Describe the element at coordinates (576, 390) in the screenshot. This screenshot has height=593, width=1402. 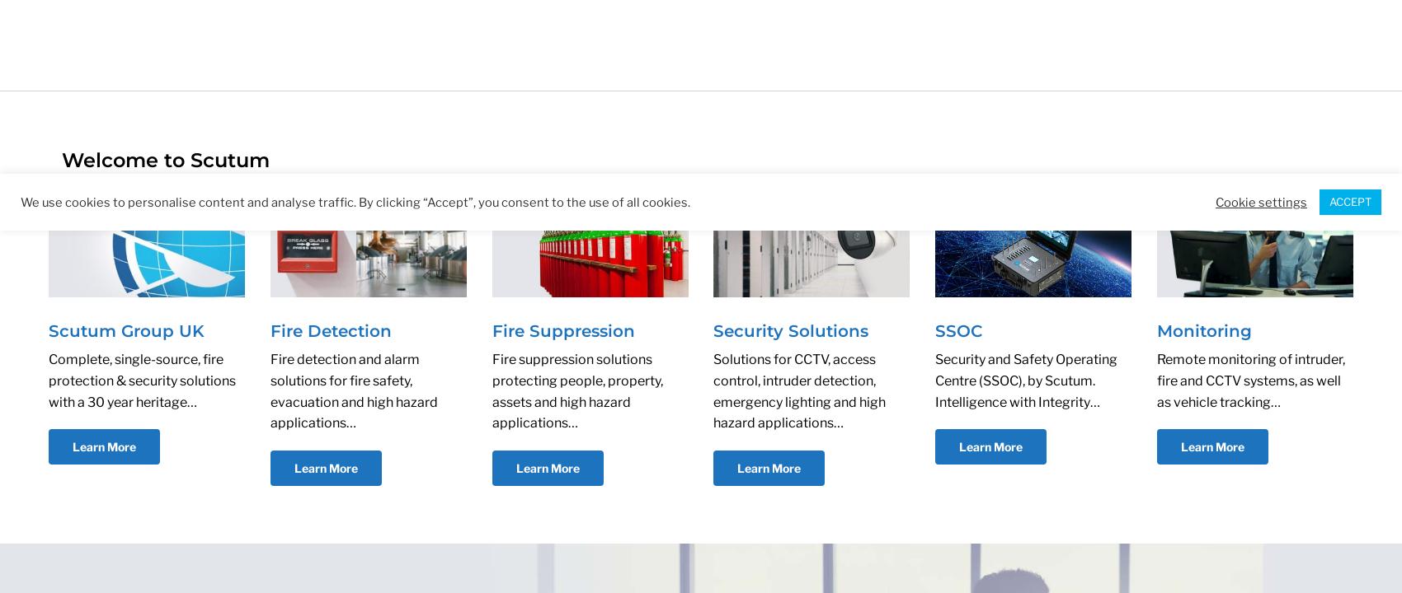
I see `'Fire suppression solutions protecting people, property, assets and high hazard applications…'` at that location.